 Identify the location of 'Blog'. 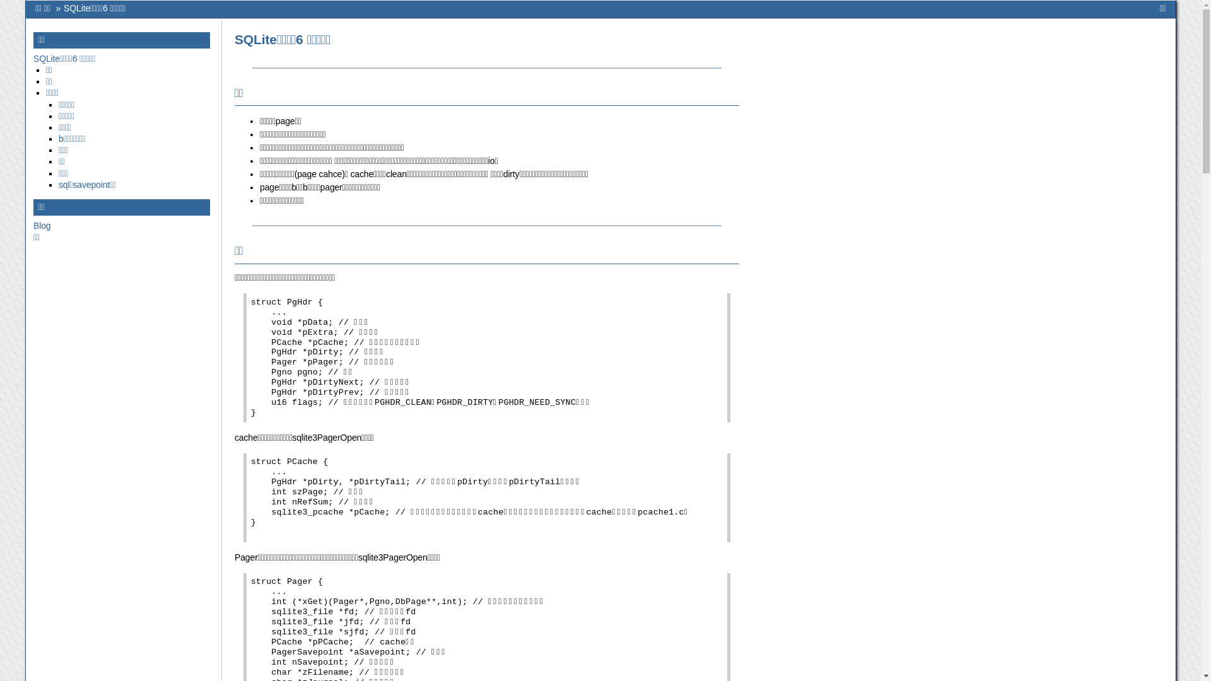
(42, 225).